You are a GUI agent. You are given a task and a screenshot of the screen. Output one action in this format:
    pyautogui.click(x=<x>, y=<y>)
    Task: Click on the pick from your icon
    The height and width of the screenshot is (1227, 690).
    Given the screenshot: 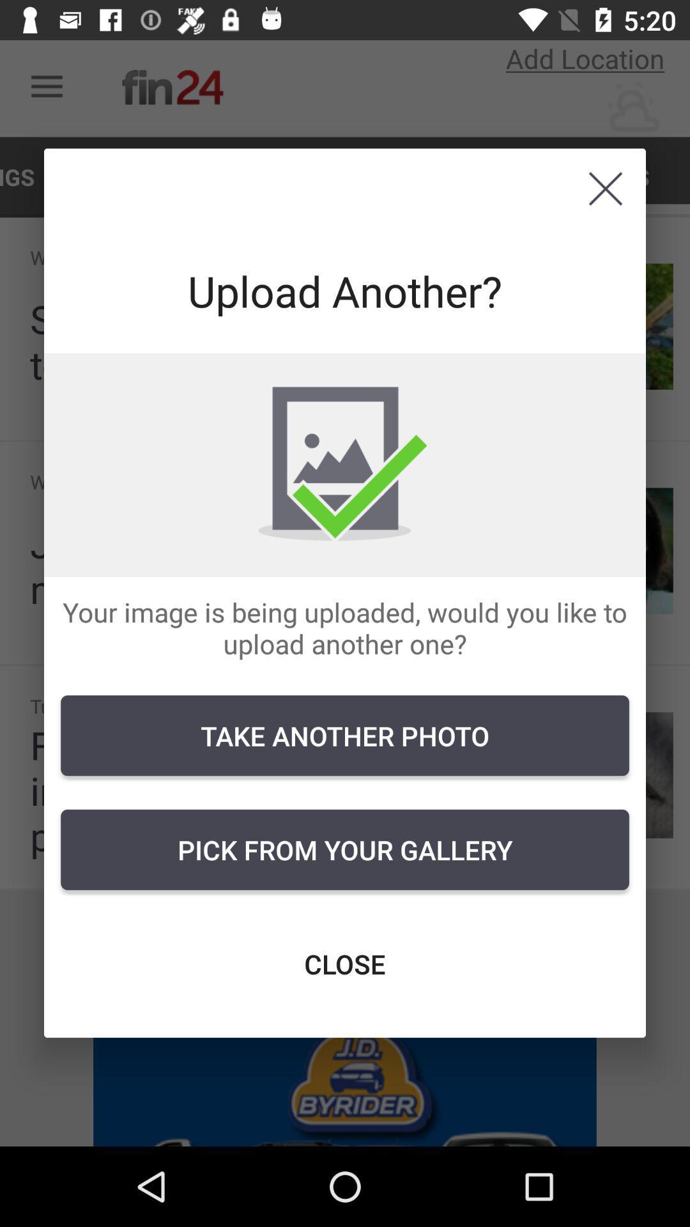 What is the action you would take?
    pyautogui.click(x=345, y=849)
    